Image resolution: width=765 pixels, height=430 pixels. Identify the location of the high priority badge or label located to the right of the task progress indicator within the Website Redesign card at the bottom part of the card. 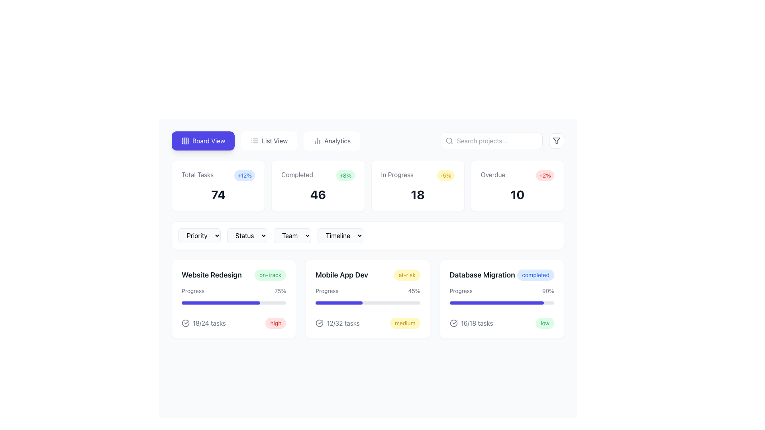
(276, 323).